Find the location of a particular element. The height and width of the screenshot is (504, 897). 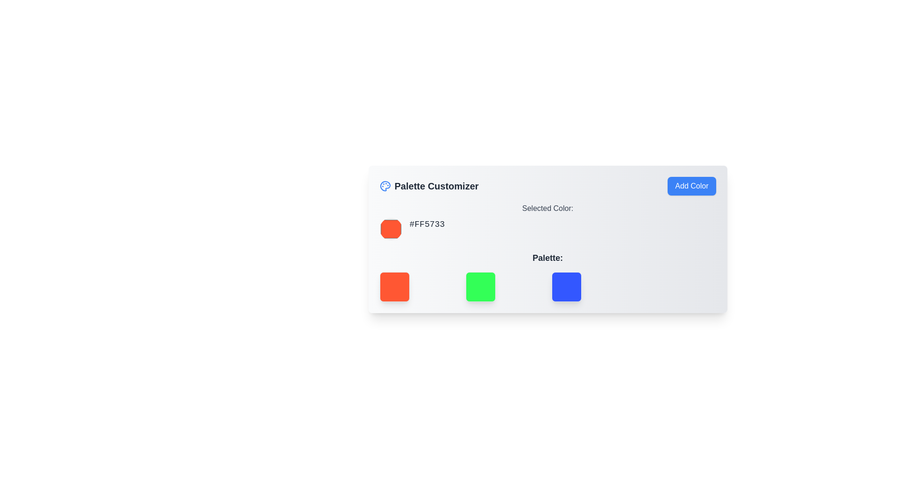

the green square color swatch with rounded corners located is located at coordinates (504, 286).